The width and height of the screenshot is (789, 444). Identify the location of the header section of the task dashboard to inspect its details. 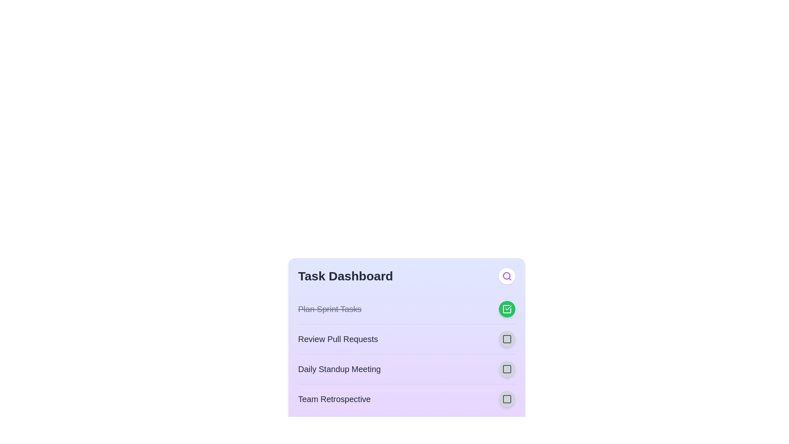
(345, 276).